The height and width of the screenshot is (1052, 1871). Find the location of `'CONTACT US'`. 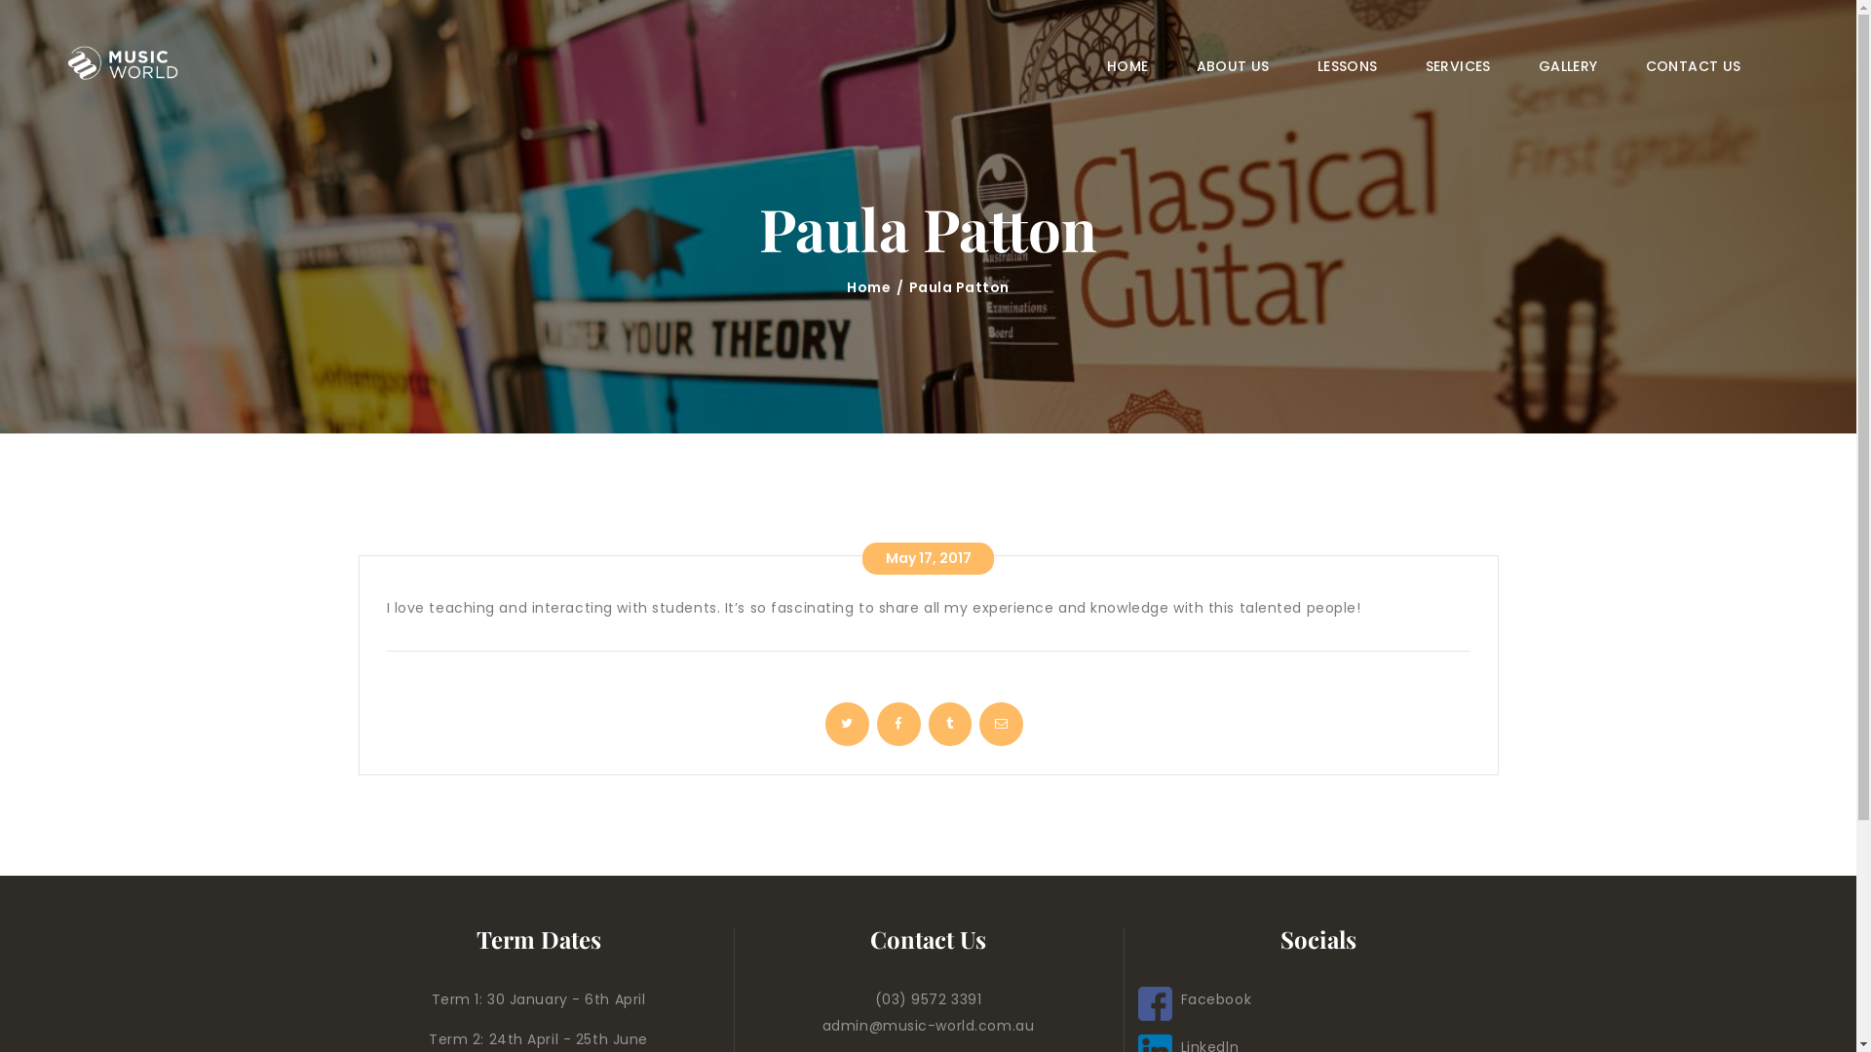

'CONTACT US' is located at coordinates (1622, 65).